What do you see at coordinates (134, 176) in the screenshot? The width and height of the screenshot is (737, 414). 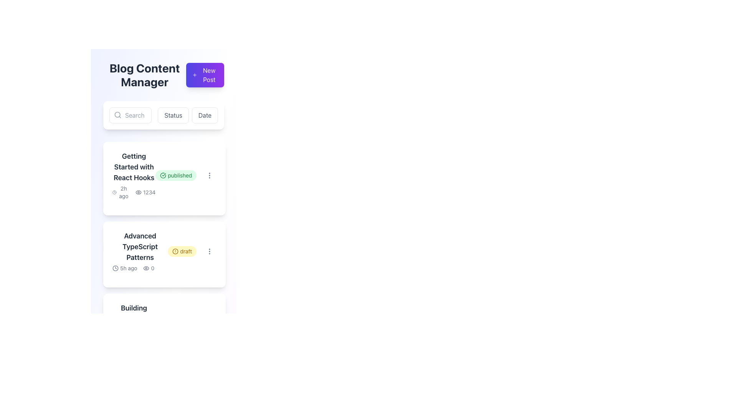 I see `the Textual content block that serves as a descriptive summary for a blog post, located at the top of the first listing in the 'Blog Content Manager' interface` at bounding box center [134, 176].